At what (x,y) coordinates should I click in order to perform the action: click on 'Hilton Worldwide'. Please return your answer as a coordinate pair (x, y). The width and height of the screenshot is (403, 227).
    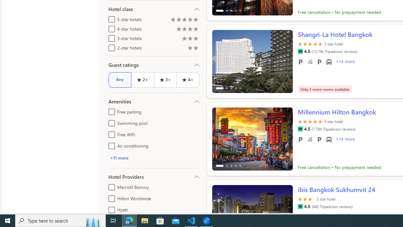
    Looking at the image, I should click on (111, 197).